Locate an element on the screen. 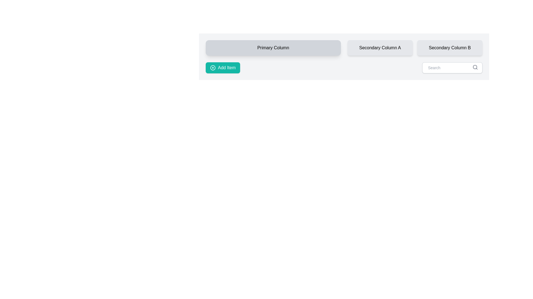 This screenshot has height=299, width=533. the Graphical SVG Circle element, which is part of the 'Add Item' functionality, located within the button labeled 'Add Item' at the bottom-left section under the 'Primary Column' label is located at coordinates (213, 68).